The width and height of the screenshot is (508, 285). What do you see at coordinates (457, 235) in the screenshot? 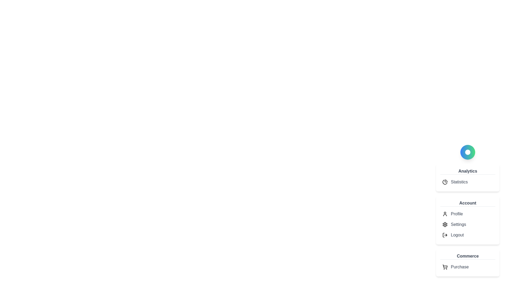
I see `the 'Logout' option in the Account category` at bounding box center [457, 235].